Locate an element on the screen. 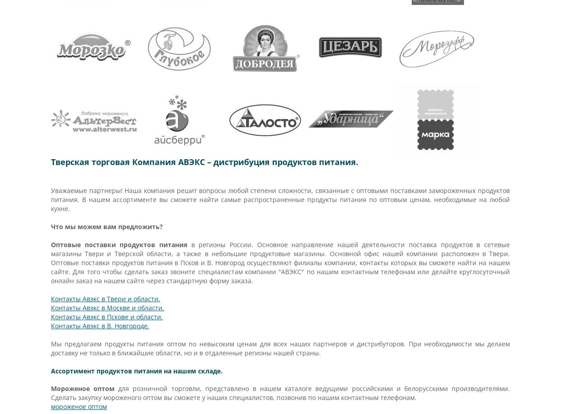 The height and width of the screenshot is (414, 564). 'Контакты Авэкс в Твери и области.' is located at coordinates (105, 299).